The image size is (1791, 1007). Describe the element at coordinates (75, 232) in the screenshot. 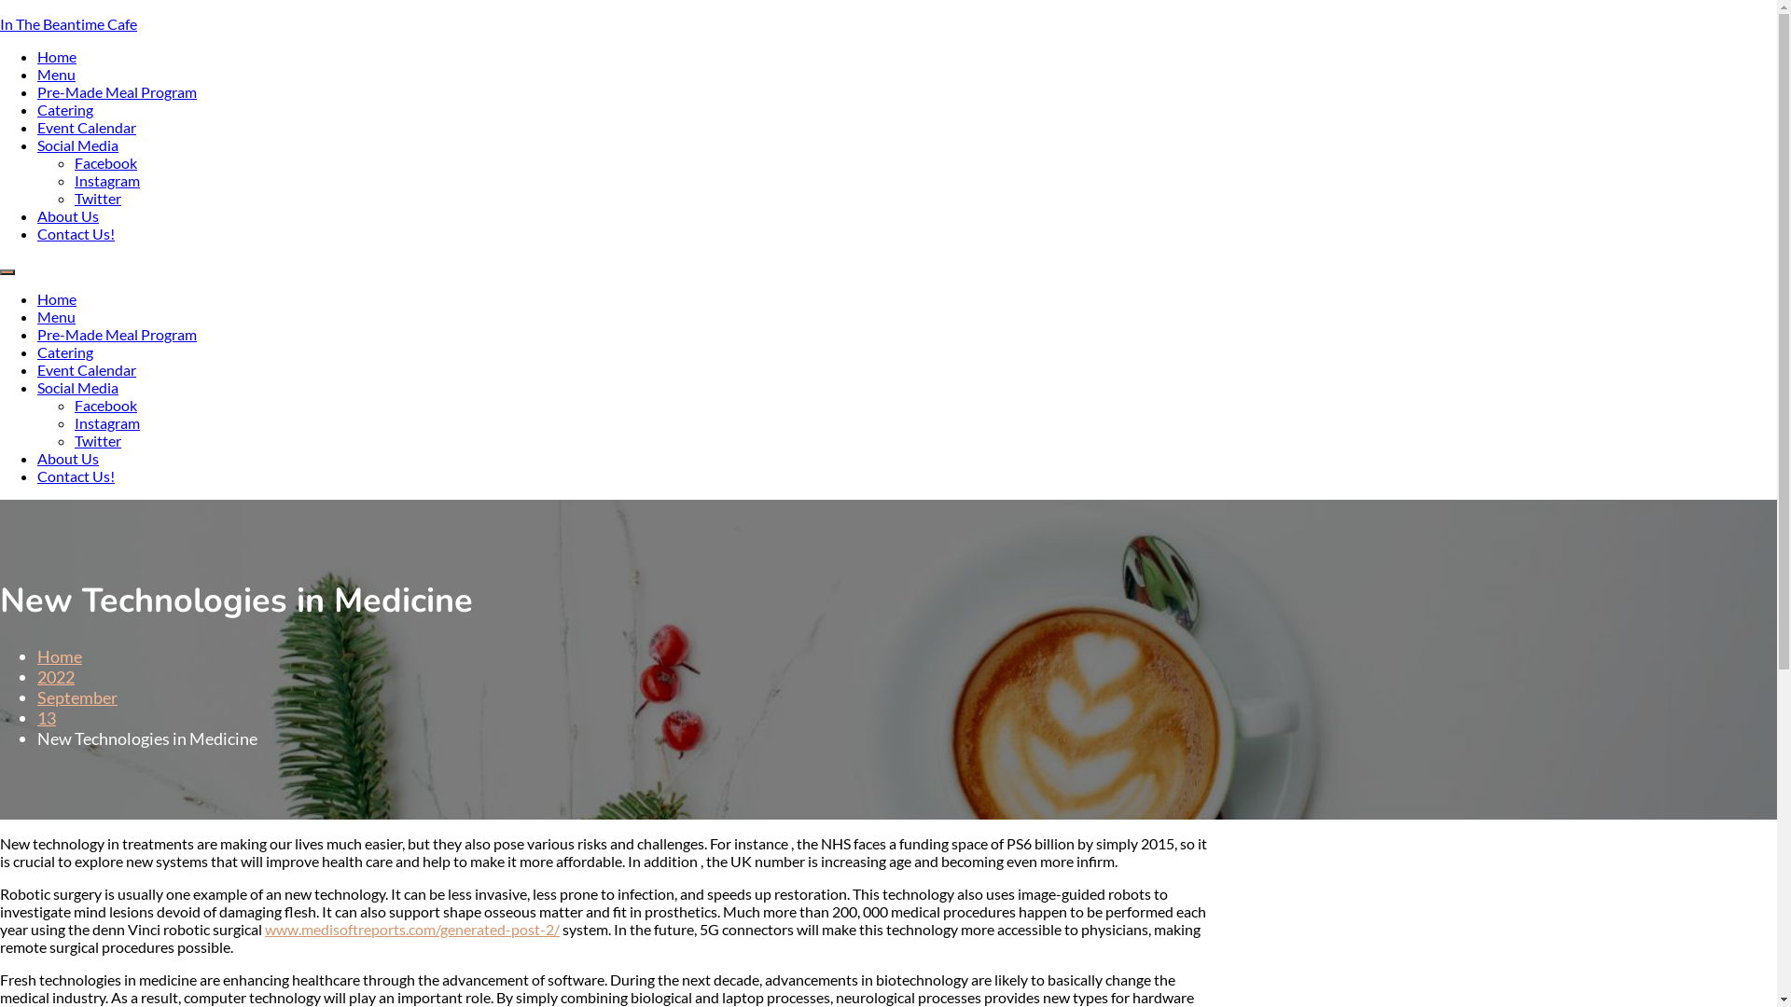

I see `'Contact Us!'` at that location.